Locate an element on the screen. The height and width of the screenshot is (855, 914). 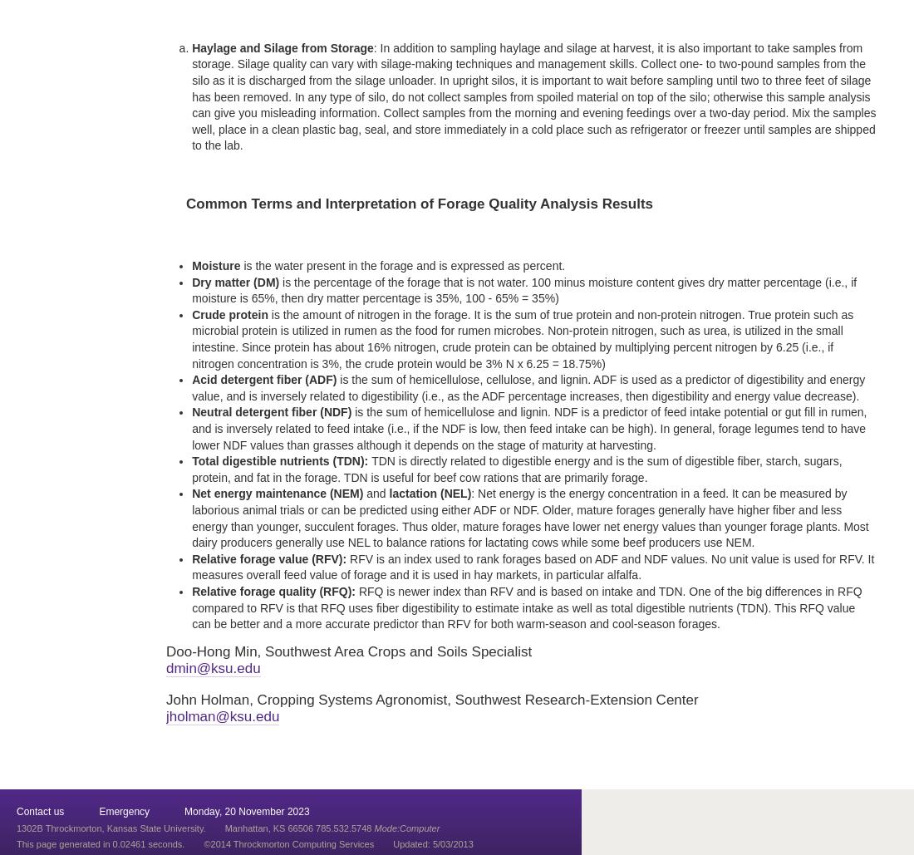
': In addition to sampling haylage and silage at harvest, it is also important to take samples from storage. Silage quality can vary with silage-making techniques and management skills. Collect one- to two-pound samples from the silo as it is discharged from the silage unloader. In upright silos, it is important to wait before sampling until two to three feet of silage has been removed. In any type of silo, do not collect samples from spoiled material on top of the silo; otherwise this sample analysis can give you misleading information. Collect samples from the morning and evening feedings over a two-day period. Mix the samples well, place in a clean plastic bag, seal, and store immediately in a cold place such as refrigerator or freezer until samples are shipped to the lab.' is located at coordinates (192, 95).